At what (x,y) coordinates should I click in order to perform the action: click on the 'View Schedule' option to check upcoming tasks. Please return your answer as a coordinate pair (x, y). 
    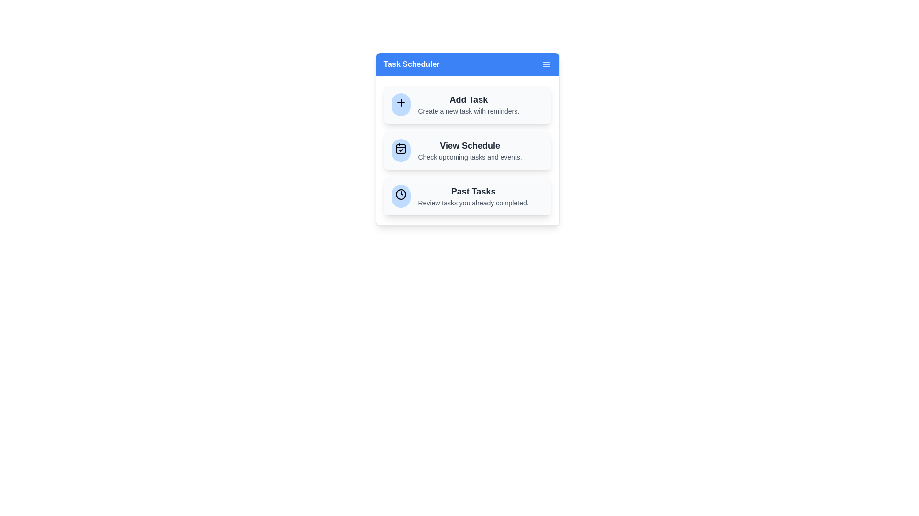
    Looking at the image, I should click on (470, 150).